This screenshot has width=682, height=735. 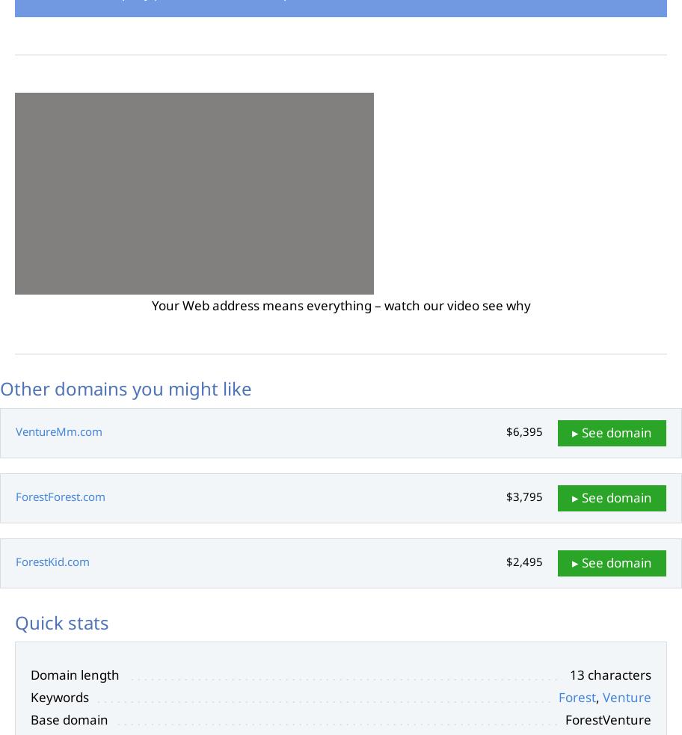 I want to click on 'ForestVenture', so click(x=607, y=719).